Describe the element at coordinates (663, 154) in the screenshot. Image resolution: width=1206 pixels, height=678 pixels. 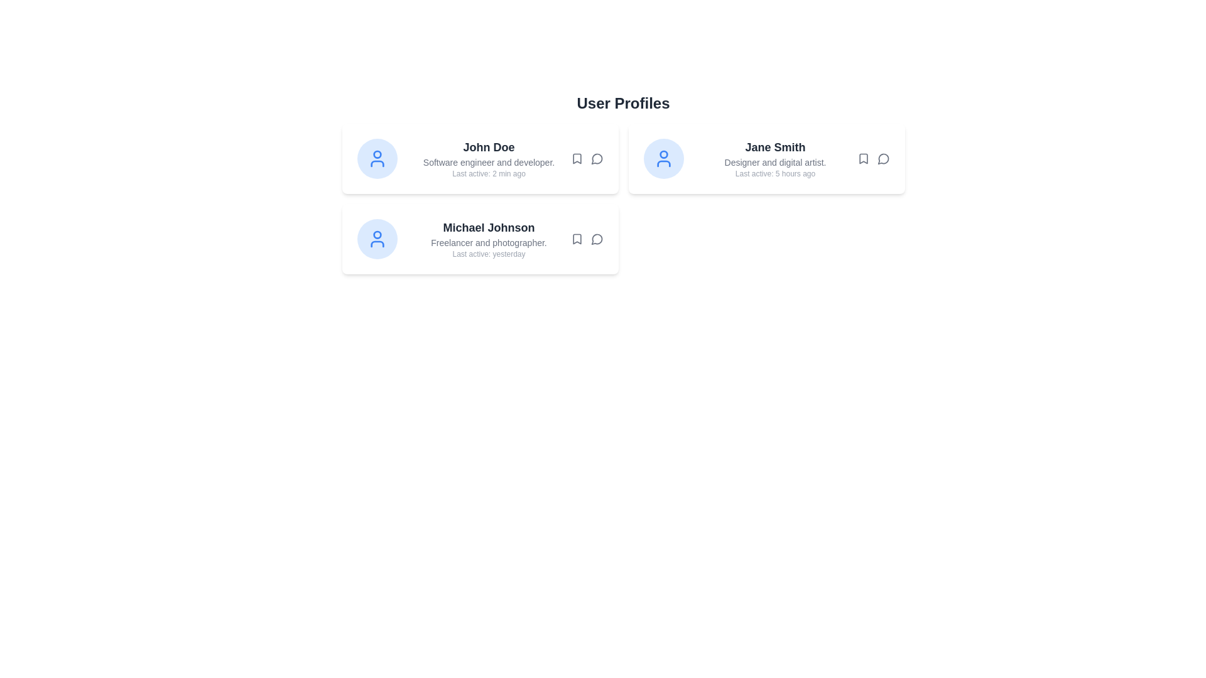
I see `the decorative SVG circle representing the user profile icon for 'Jane Smith' located in the top-right quadrant of the card UI component` at that location.